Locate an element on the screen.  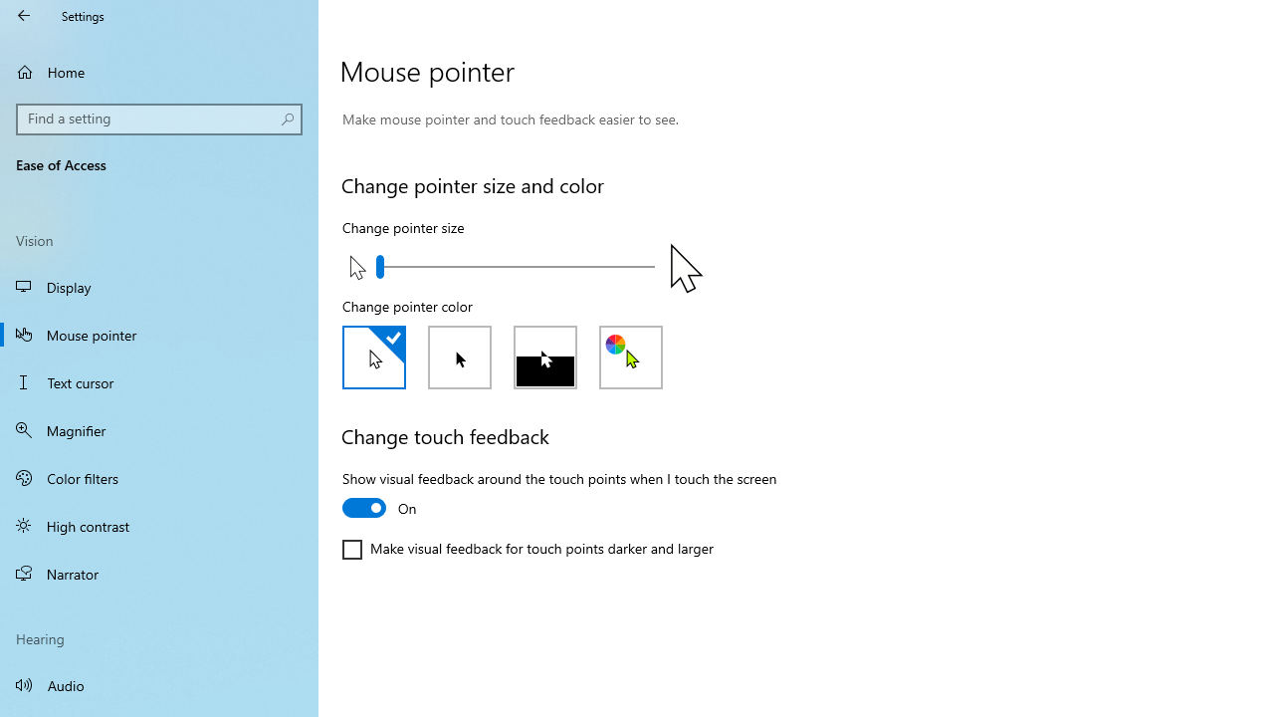
'Narrator' is located at coordinates (159, 574).